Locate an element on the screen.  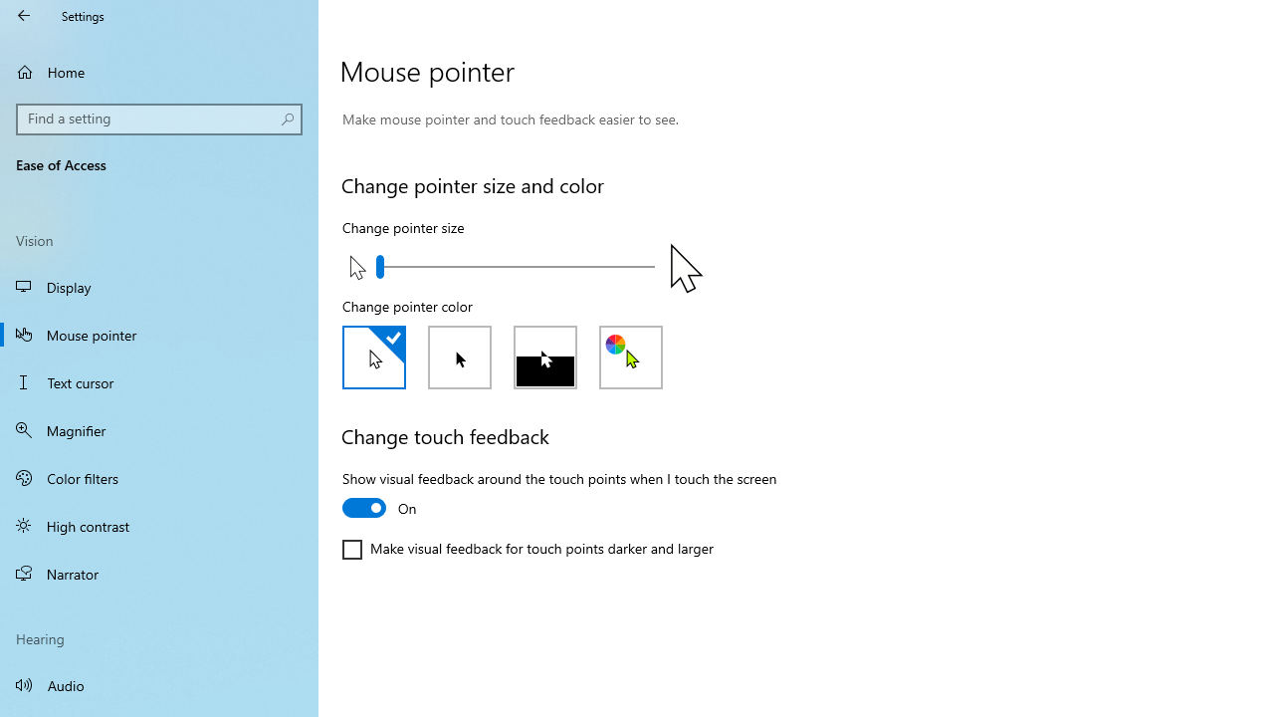
'Narrator' is located at coordinates (159, 574).